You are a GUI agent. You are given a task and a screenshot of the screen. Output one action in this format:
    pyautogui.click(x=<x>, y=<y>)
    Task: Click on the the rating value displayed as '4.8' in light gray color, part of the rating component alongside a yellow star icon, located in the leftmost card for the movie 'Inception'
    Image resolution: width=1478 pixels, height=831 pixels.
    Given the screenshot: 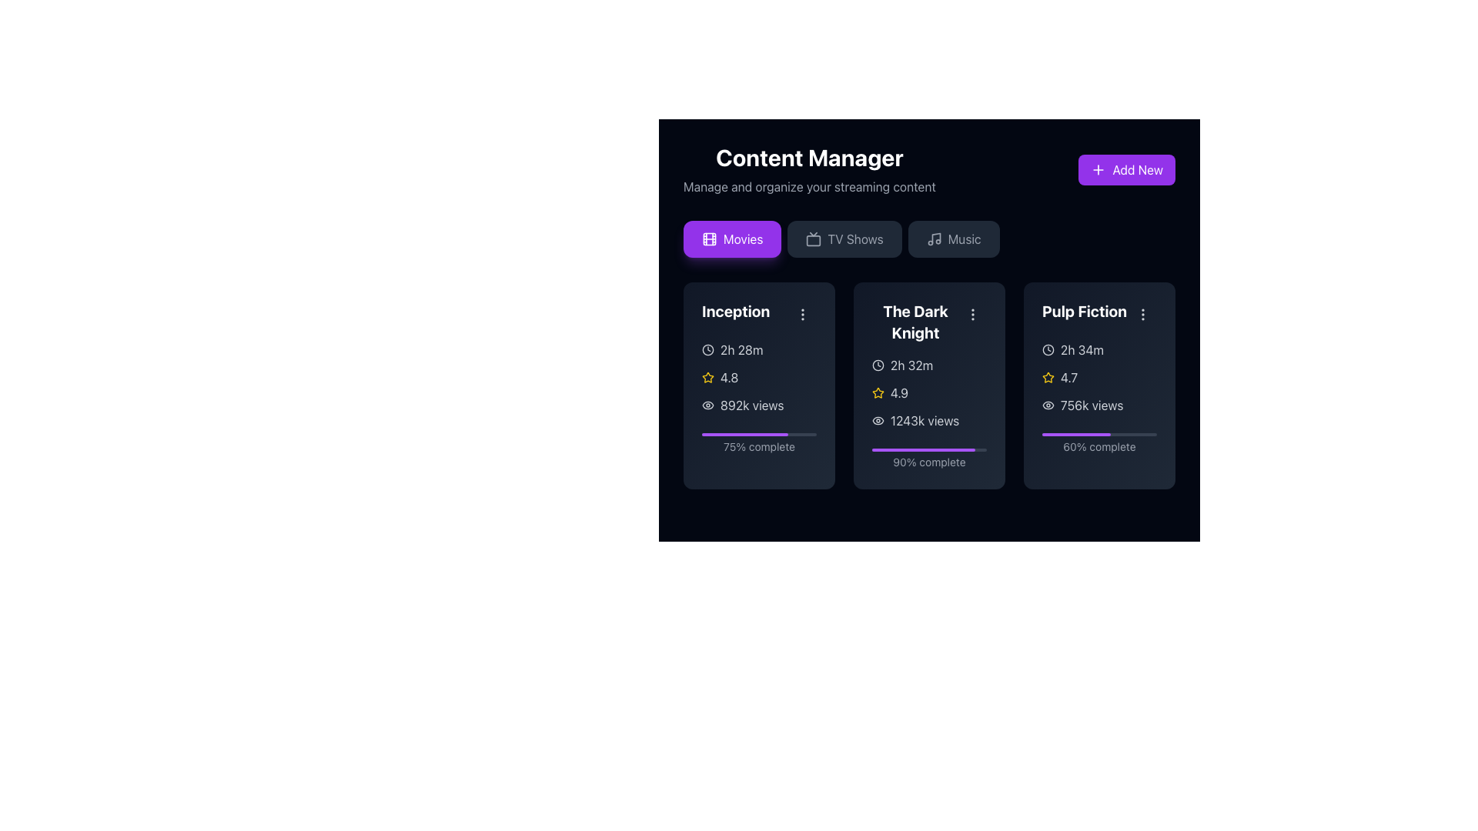 What is the action you would take?
    pyautogui.click(x=728, y=377)
    